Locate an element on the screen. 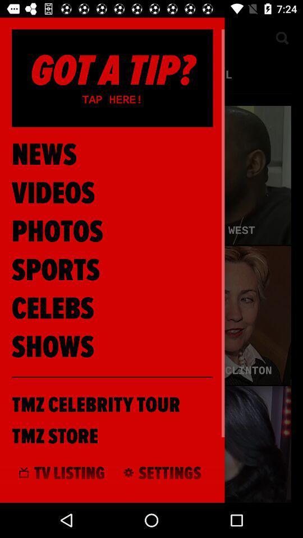 This screenshot has height=538, width=303. the search icon is located at coordinates (281, 37).